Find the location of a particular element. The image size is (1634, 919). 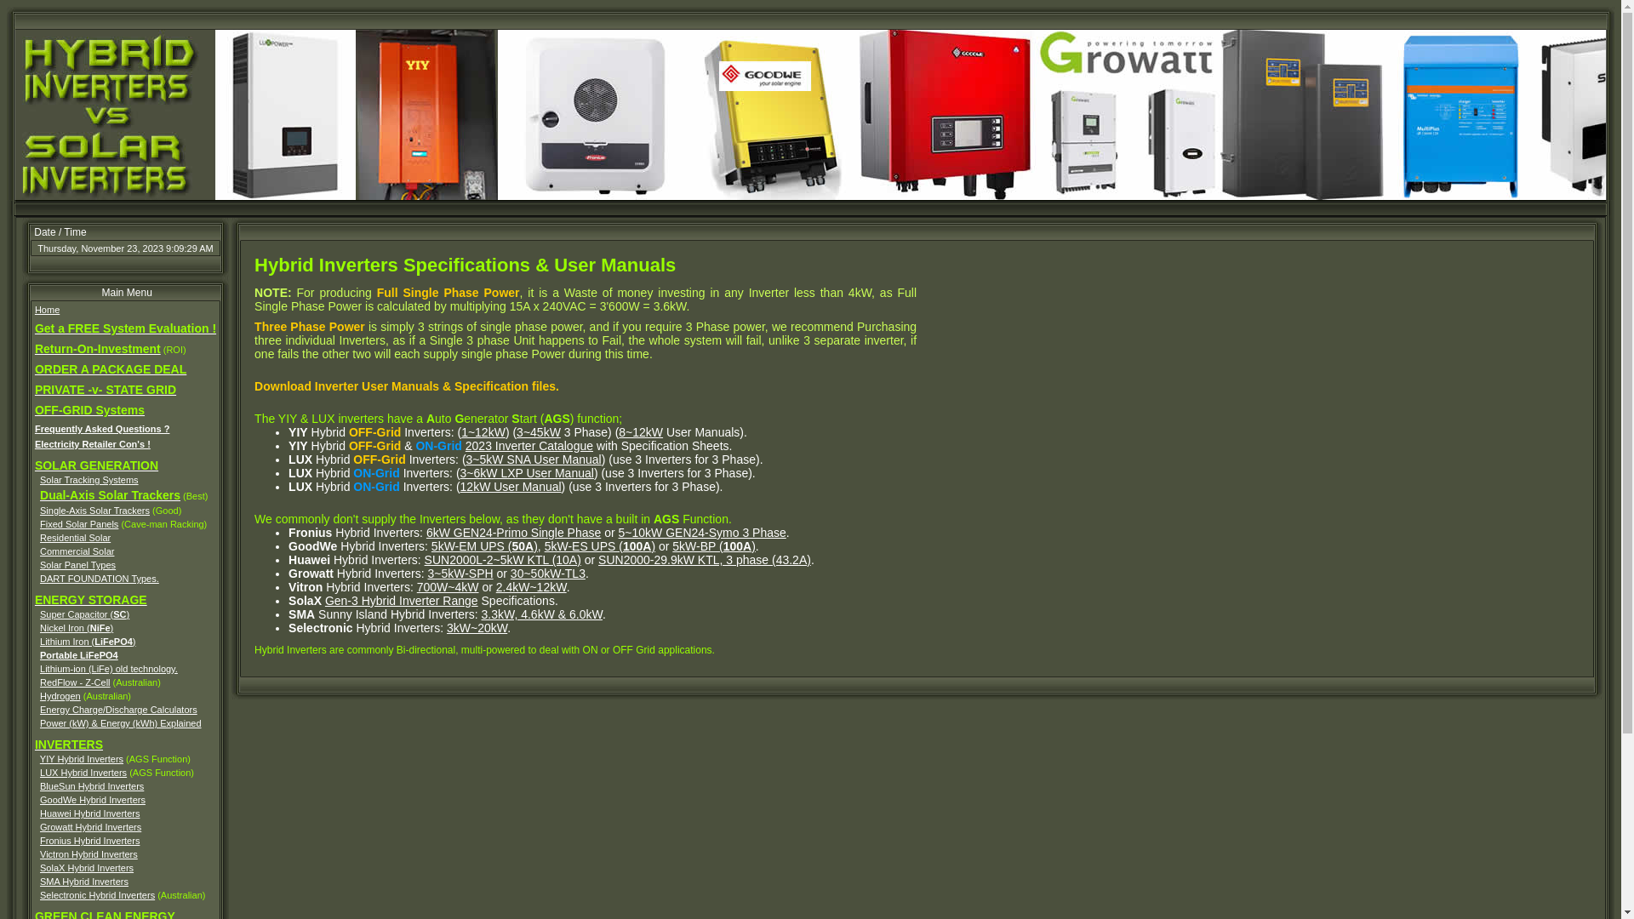

'Residential Solar' is located at coordinates (74, 538).